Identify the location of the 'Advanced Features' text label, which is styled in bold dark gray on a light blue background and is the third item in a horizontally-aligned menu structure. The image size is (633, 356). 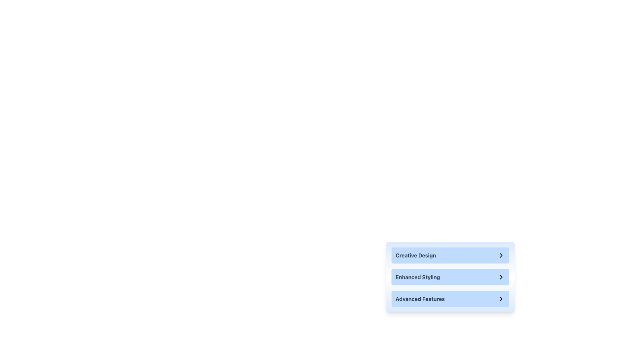
(420, 299).